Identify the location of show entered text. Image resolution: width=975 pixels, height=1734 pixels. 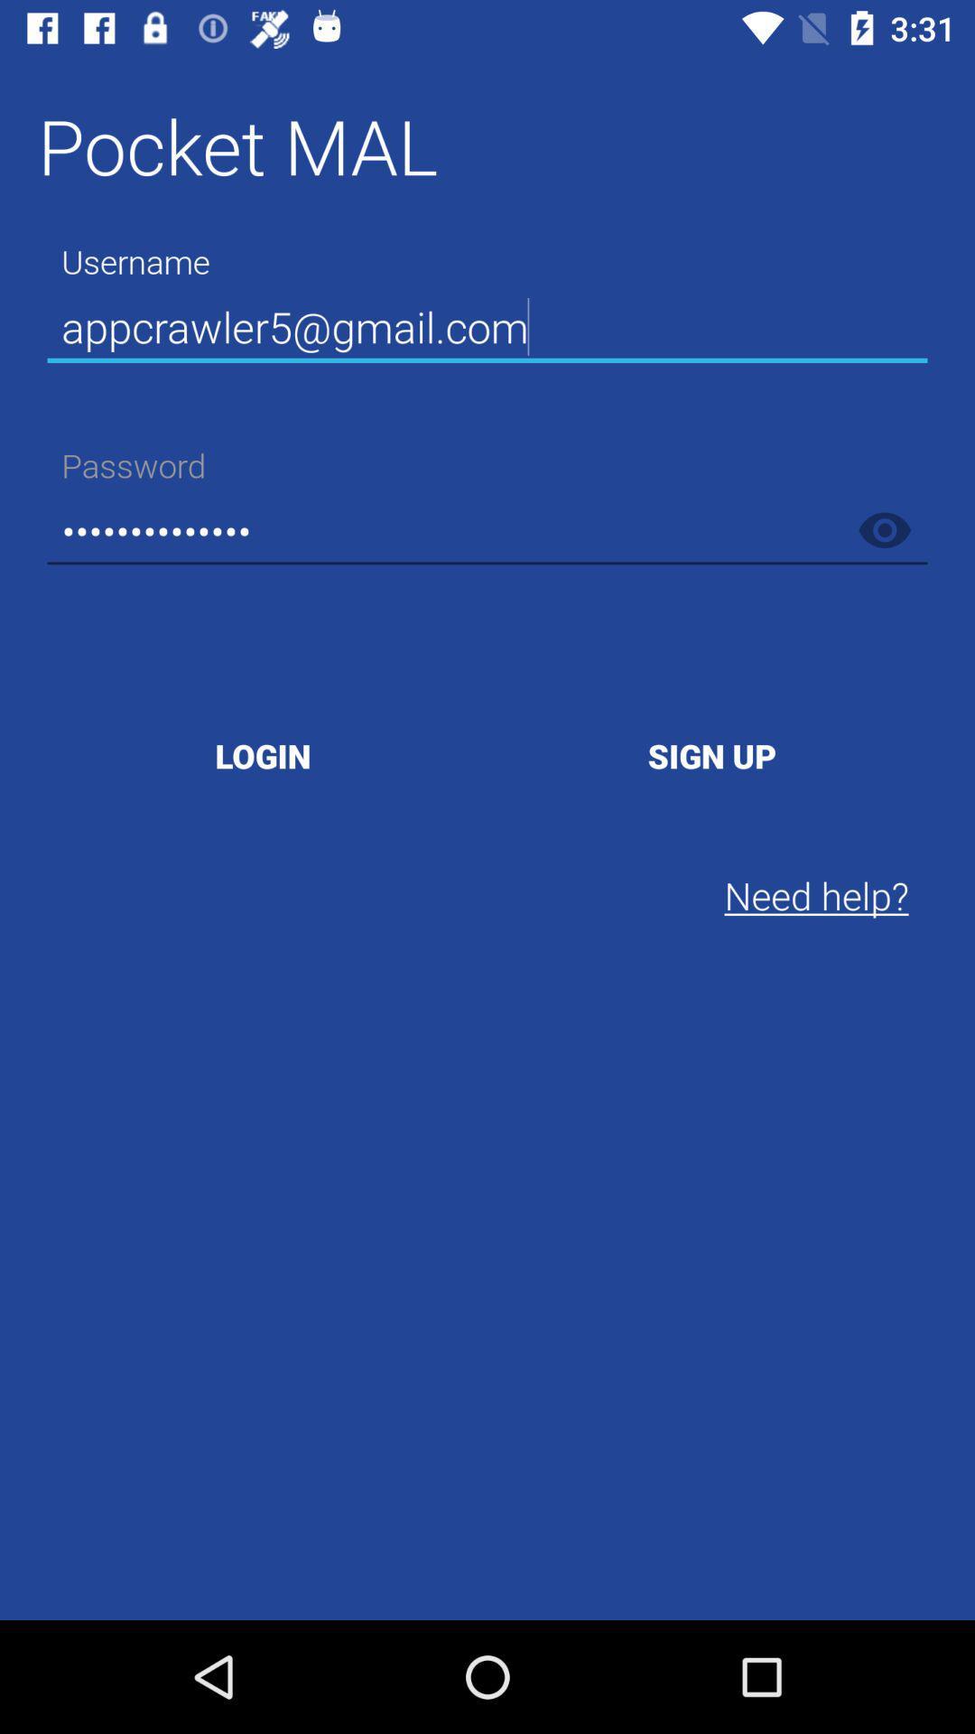
(884, 529).